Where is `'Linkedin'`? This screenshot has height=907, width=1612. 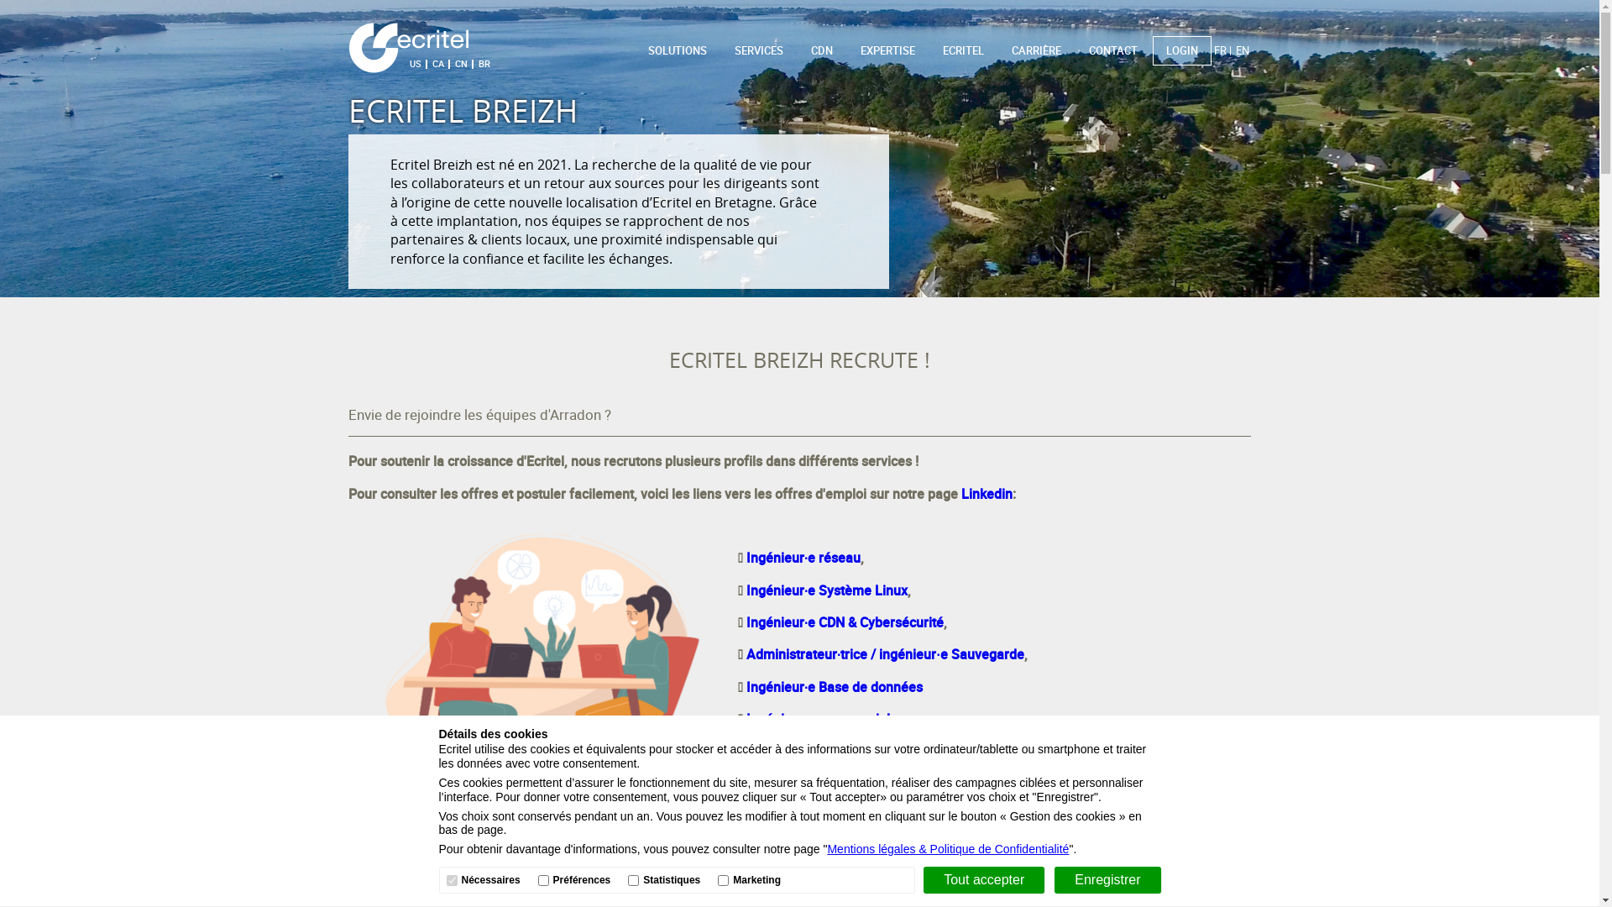 'Linkedin' is located at coordinates (987, 492).